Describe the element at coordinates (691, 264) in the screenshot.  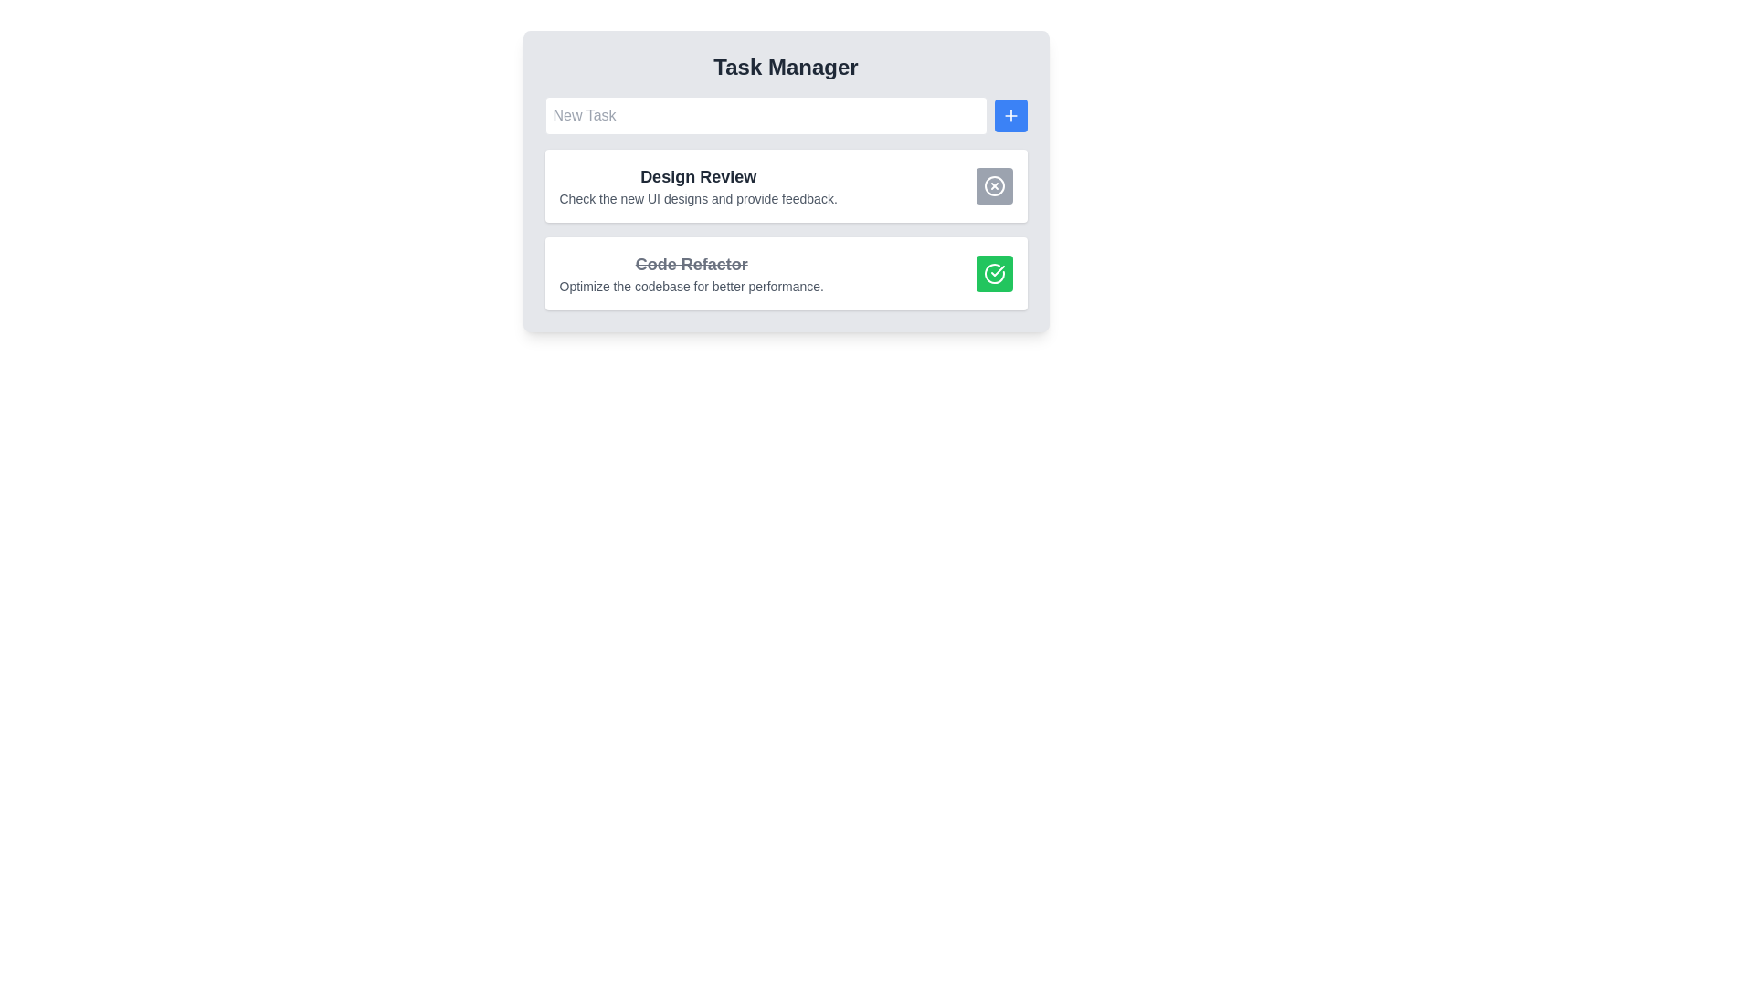
I see `the static text element that represents a completed task title, located below the 'Design Review' task entry and above the explanatory text 'Optimize the codebase for better performance.'` at that location.